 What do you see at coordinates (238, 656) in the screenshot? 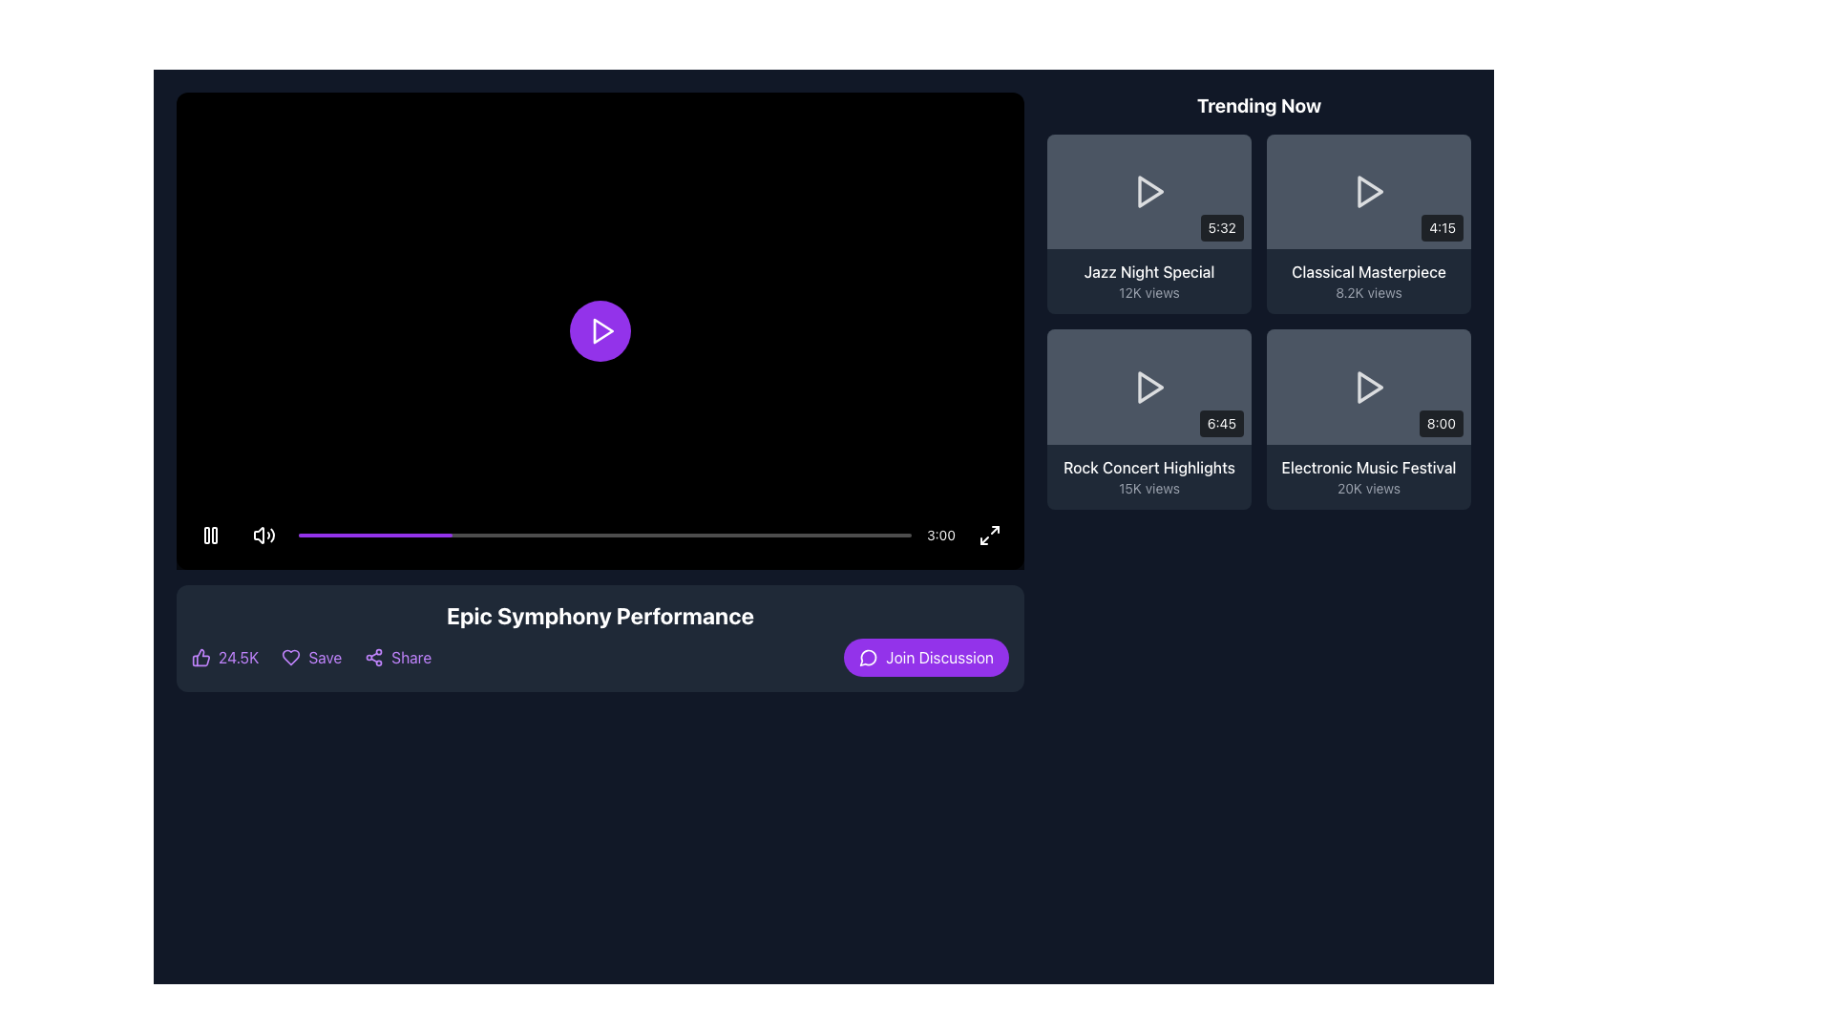
I see `the informational text element displaying '24.5K' in purple font, located adjacent to the thumbs-up icon near the bottom-left corner of the interaction options bar` at bounding box center [238, 656].